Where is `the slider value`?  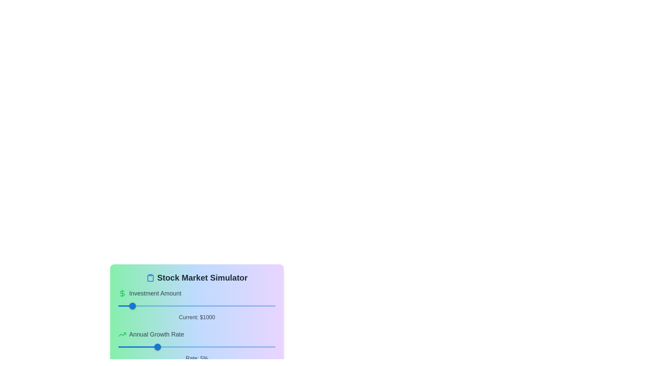 the slider value is located at coordinates (160, 347).